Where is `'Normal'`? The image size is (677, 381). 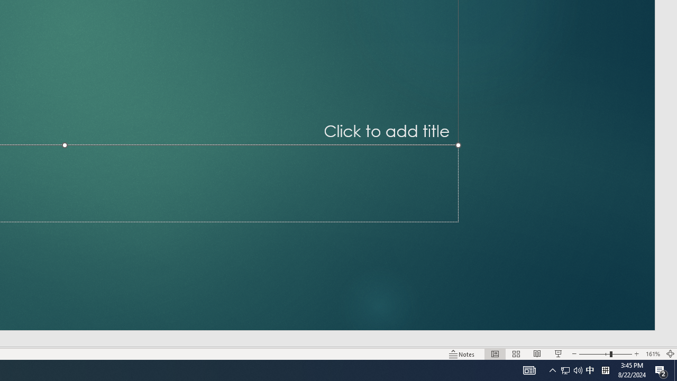 'Normal' is located at coordinates (495, 354).